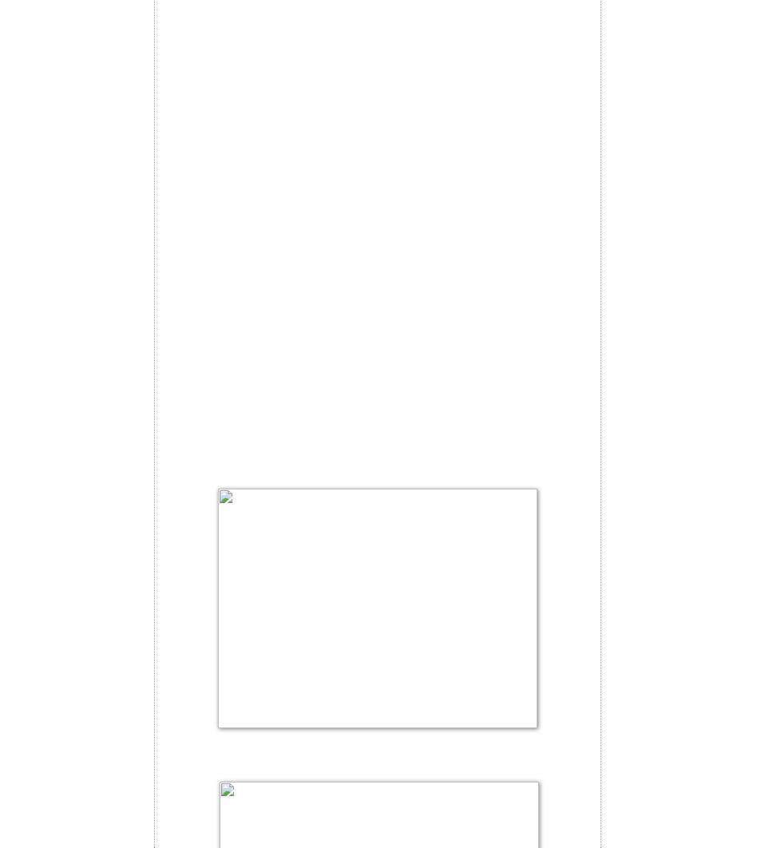 The image size is (757, 848). I want to click on '5 eggs', so click(184, 91).